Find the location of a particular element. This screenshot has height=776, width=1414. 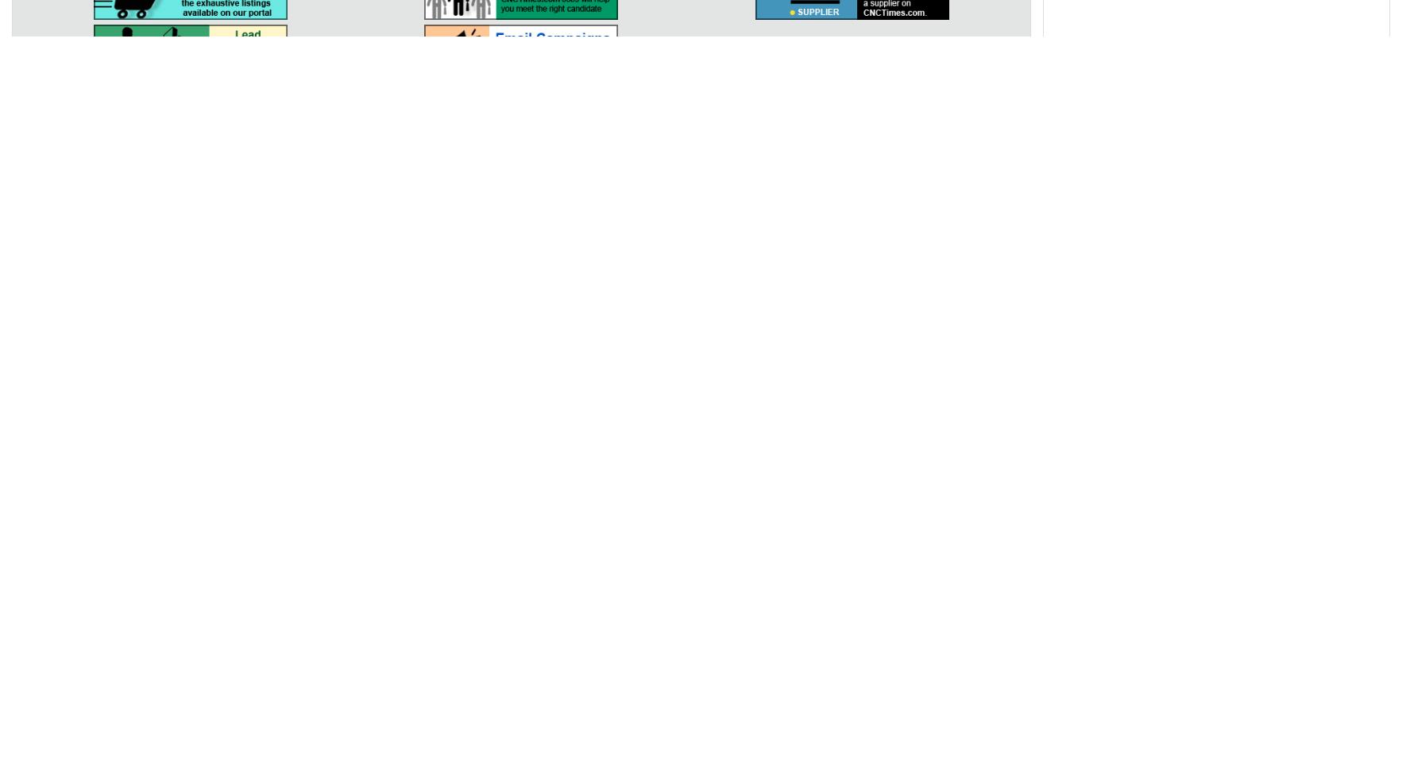

'Heavy Engineering' is located at coordinates (1003, 425).